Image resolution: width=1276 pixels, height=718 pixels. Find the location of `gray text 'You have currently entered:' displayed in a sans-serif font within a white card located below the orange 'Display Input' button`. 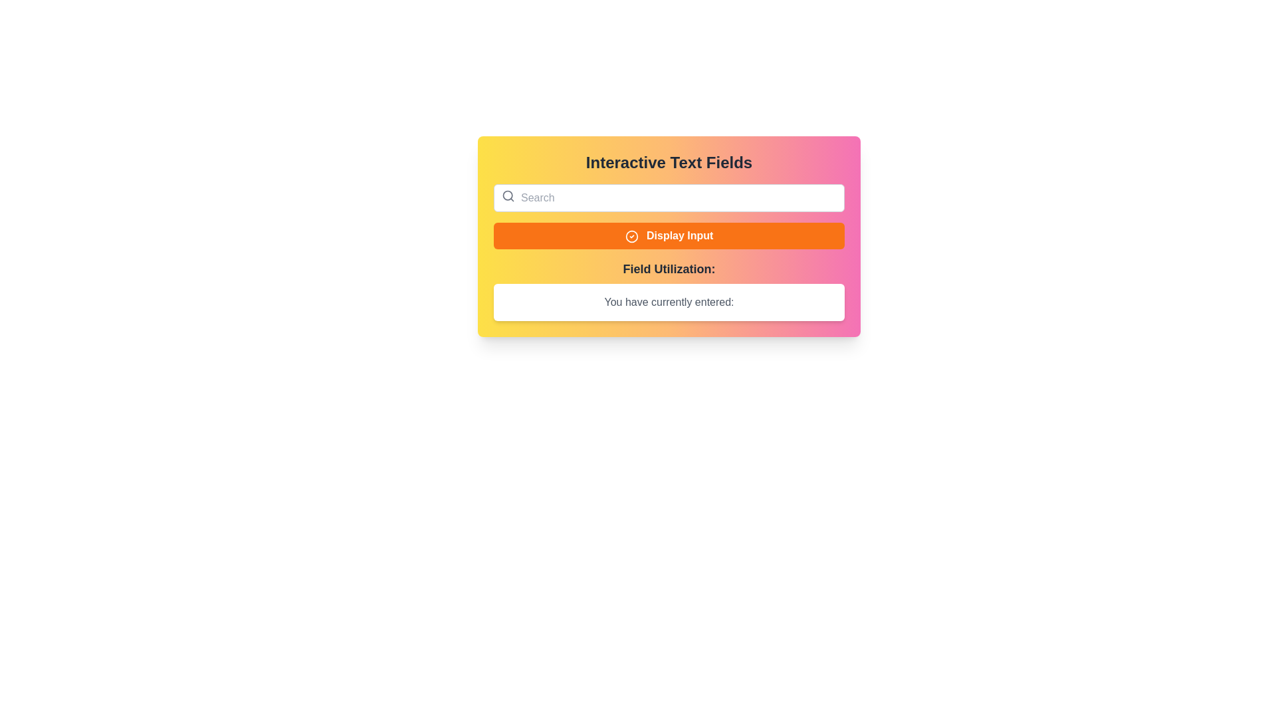

gray text 'You have currently entered:' displayed in a sans-serif font within a white card located below the orange 'Display Input' button is located at coordinates (669, 302).